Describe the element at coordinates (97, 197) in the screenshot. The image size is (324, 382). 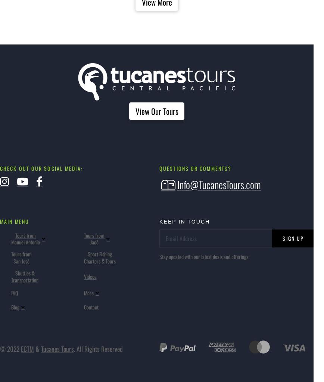
I see `'About'` at that location.